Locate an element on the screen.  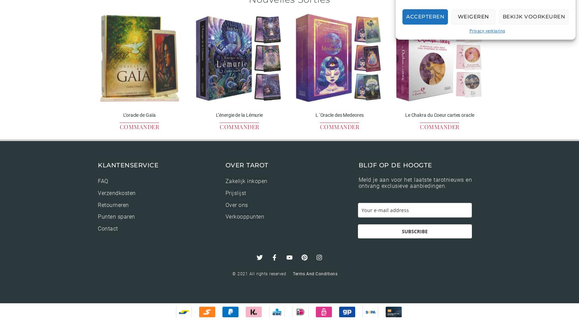
'Klantenservice' is located at coordinates (128, 165).